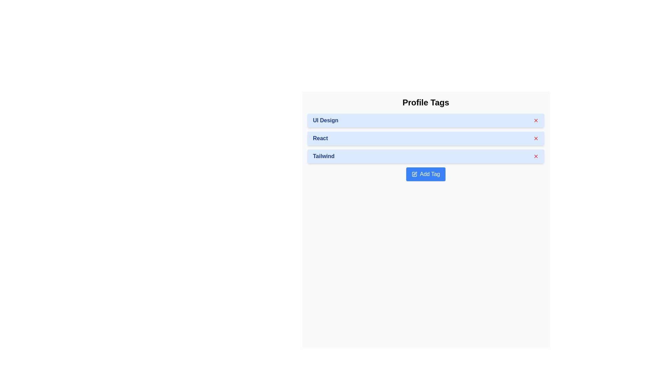 This screenshot has height=372, width=661. What do you see at coordinates (426, 147) in the screenshot?
I see `the bold, blue 'React' tag in the 'Profile Tags' section` at bounding box center [426, 147].